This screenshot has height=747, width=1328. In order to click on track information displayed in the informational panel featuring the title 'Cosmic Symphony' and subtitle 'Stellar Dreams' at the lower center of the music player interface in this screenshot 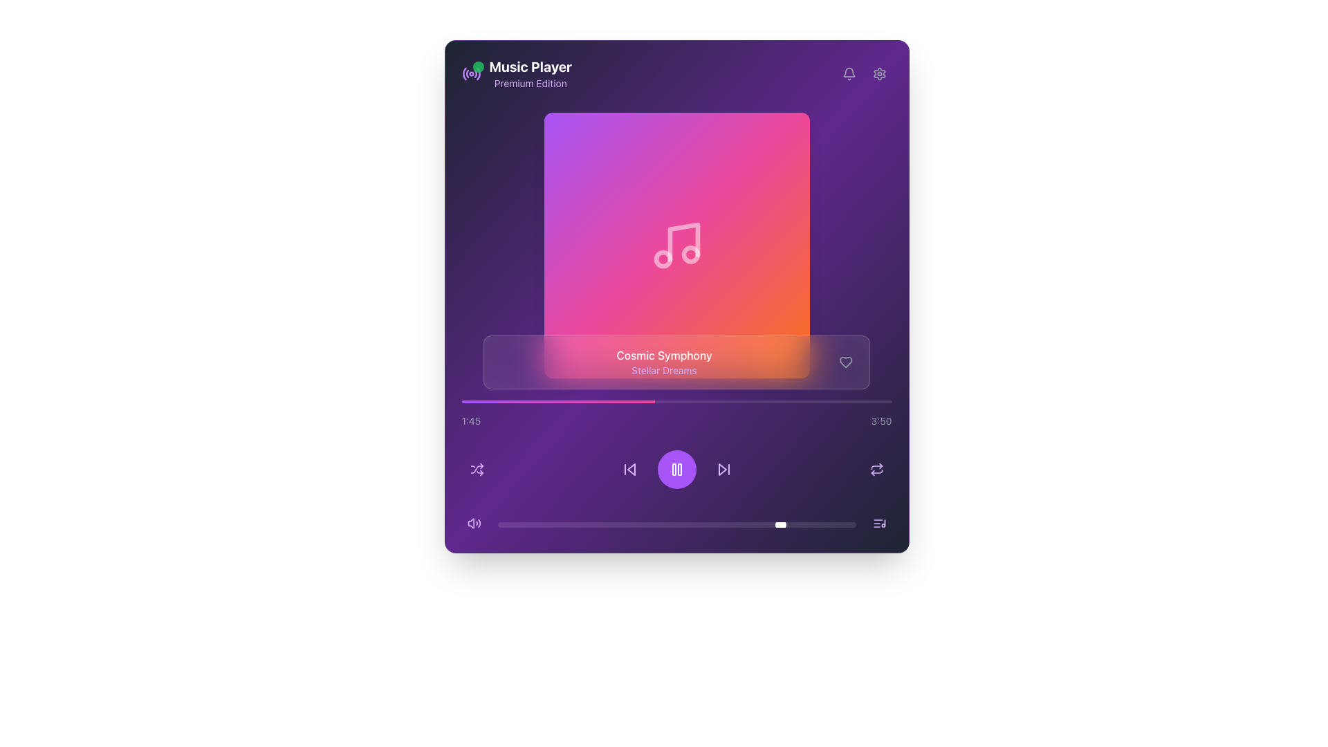, I will do `click(676, 362)`.